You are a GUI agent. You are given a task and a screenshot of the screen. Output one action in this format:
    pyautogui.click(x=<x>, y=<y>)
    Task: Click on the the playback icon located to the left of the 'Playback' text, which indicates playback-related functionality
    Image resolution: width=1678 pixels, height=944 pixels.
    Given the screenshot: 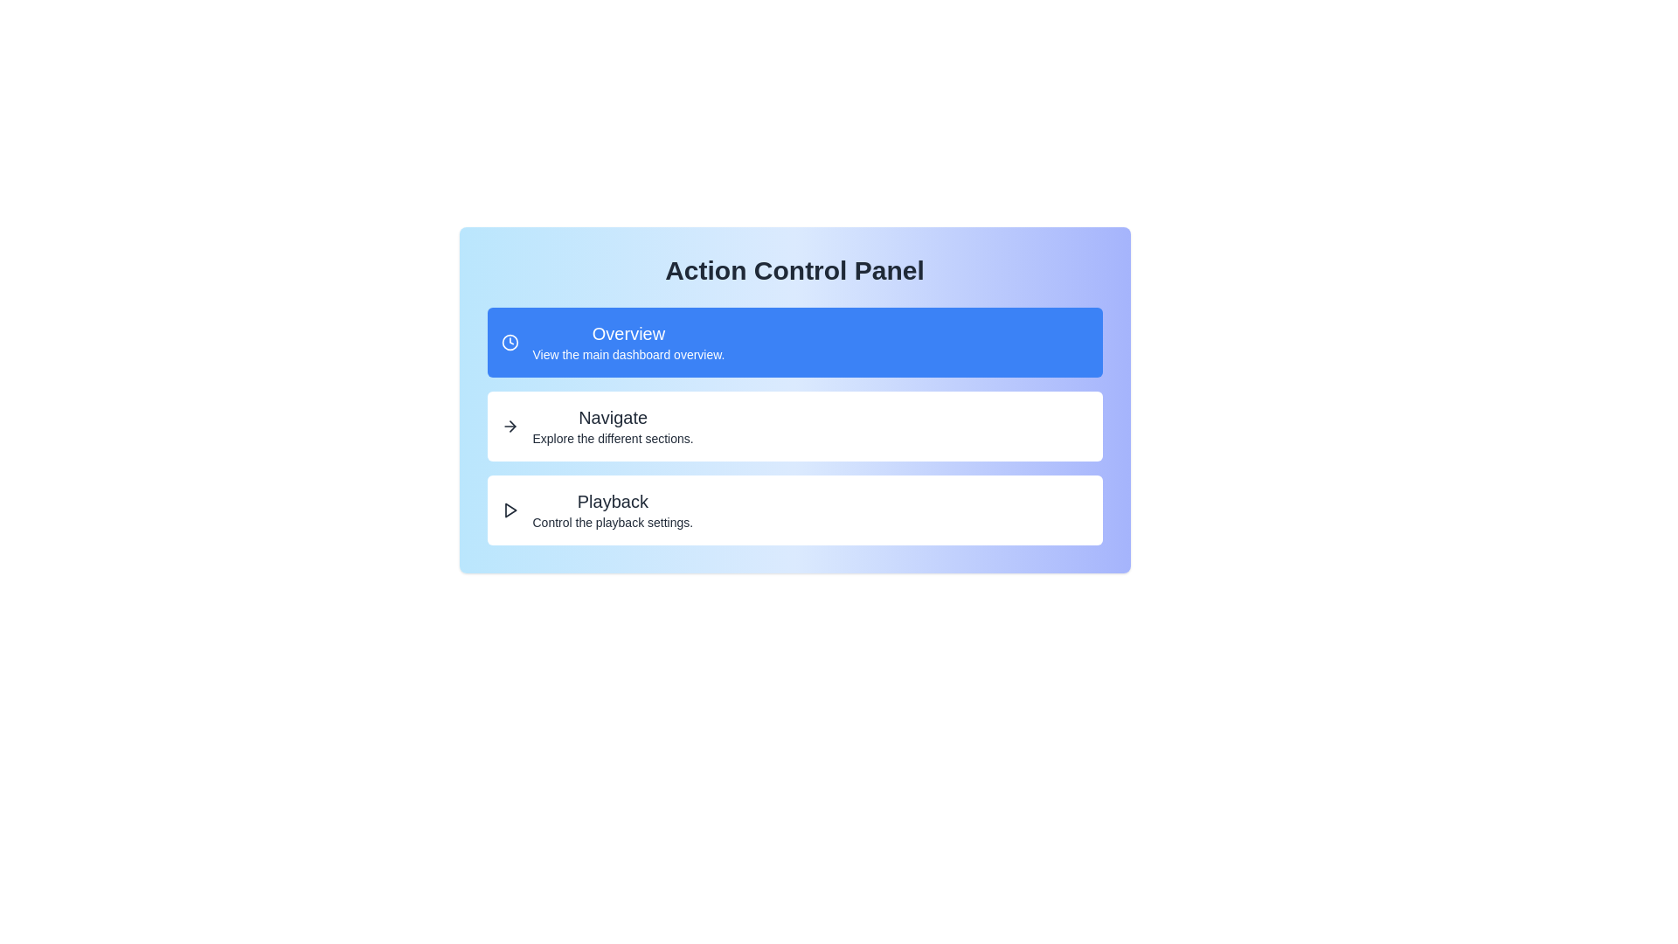 What is the action you would take?
    pyautogui.click(x=509, y=510)
    